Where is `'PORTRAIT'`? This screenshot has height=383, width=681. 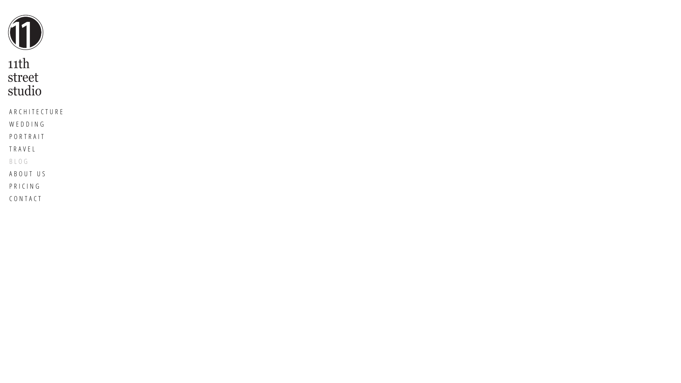 'PORTRAIT' is located at coordinates (37, 137).